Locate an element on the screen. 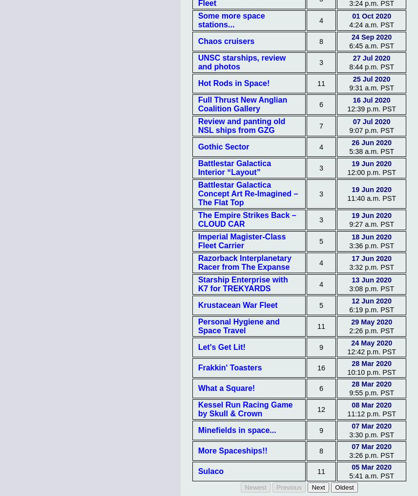  '6:19 p.m. PST' is located at coordinates (371, 309).